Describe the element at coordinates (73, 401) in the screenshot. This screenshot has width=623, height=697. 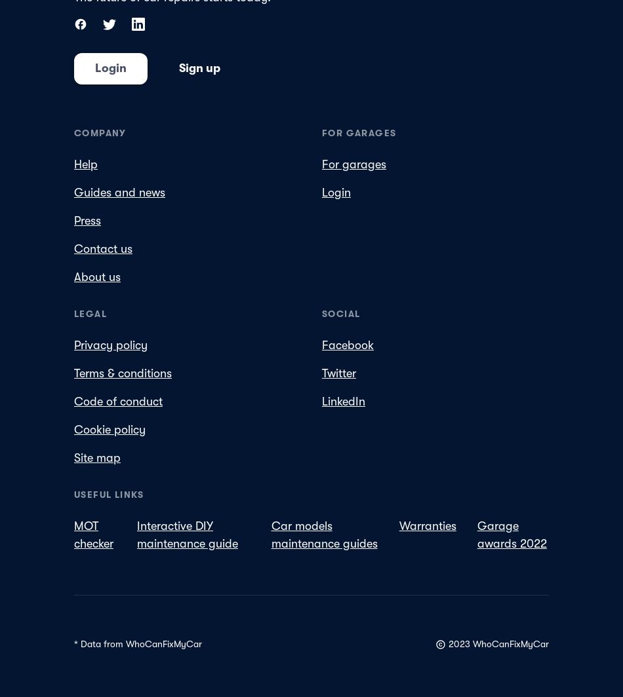
I see `'Code of conduct'` at that location.